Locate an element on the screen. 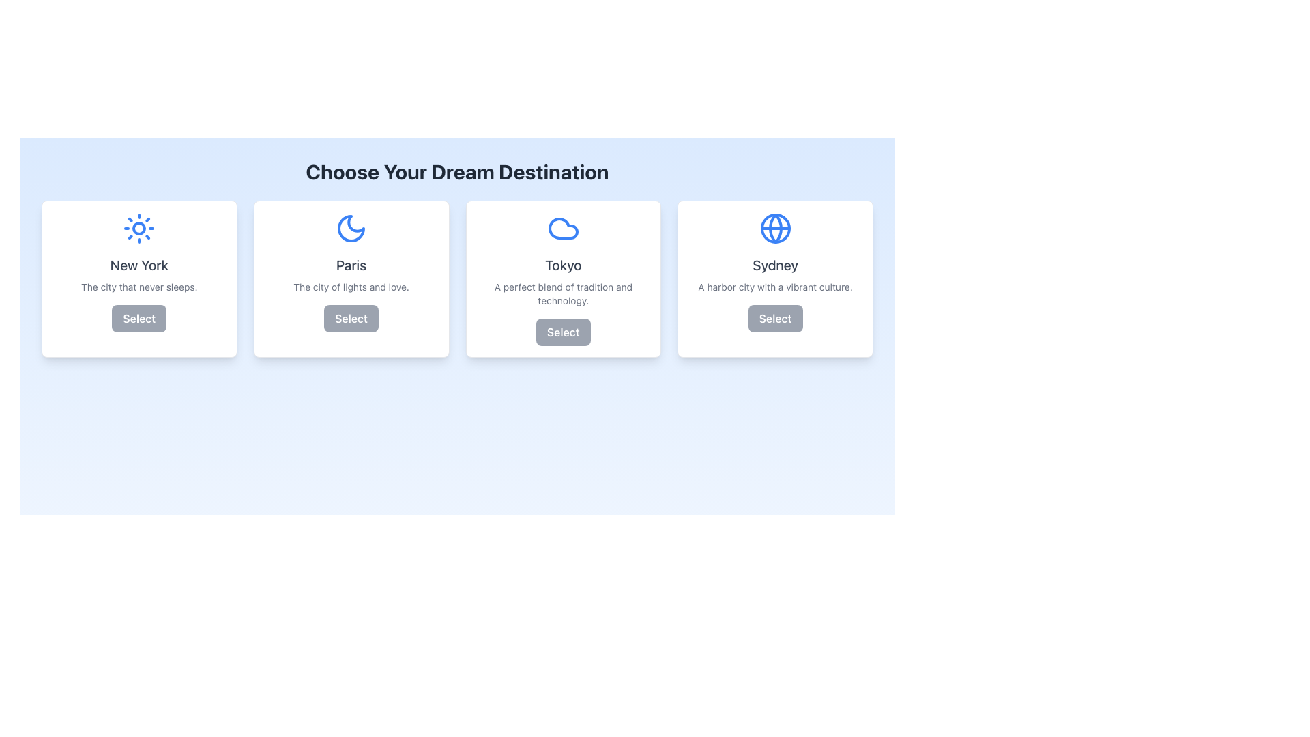 The image size is (1310, 737). the SVG graphic circle component that represents a globe in the 'Sydney' card, the rightmost card in the row of four under 'Choose Your Dream Destination' is located at coordinates (775, 228).